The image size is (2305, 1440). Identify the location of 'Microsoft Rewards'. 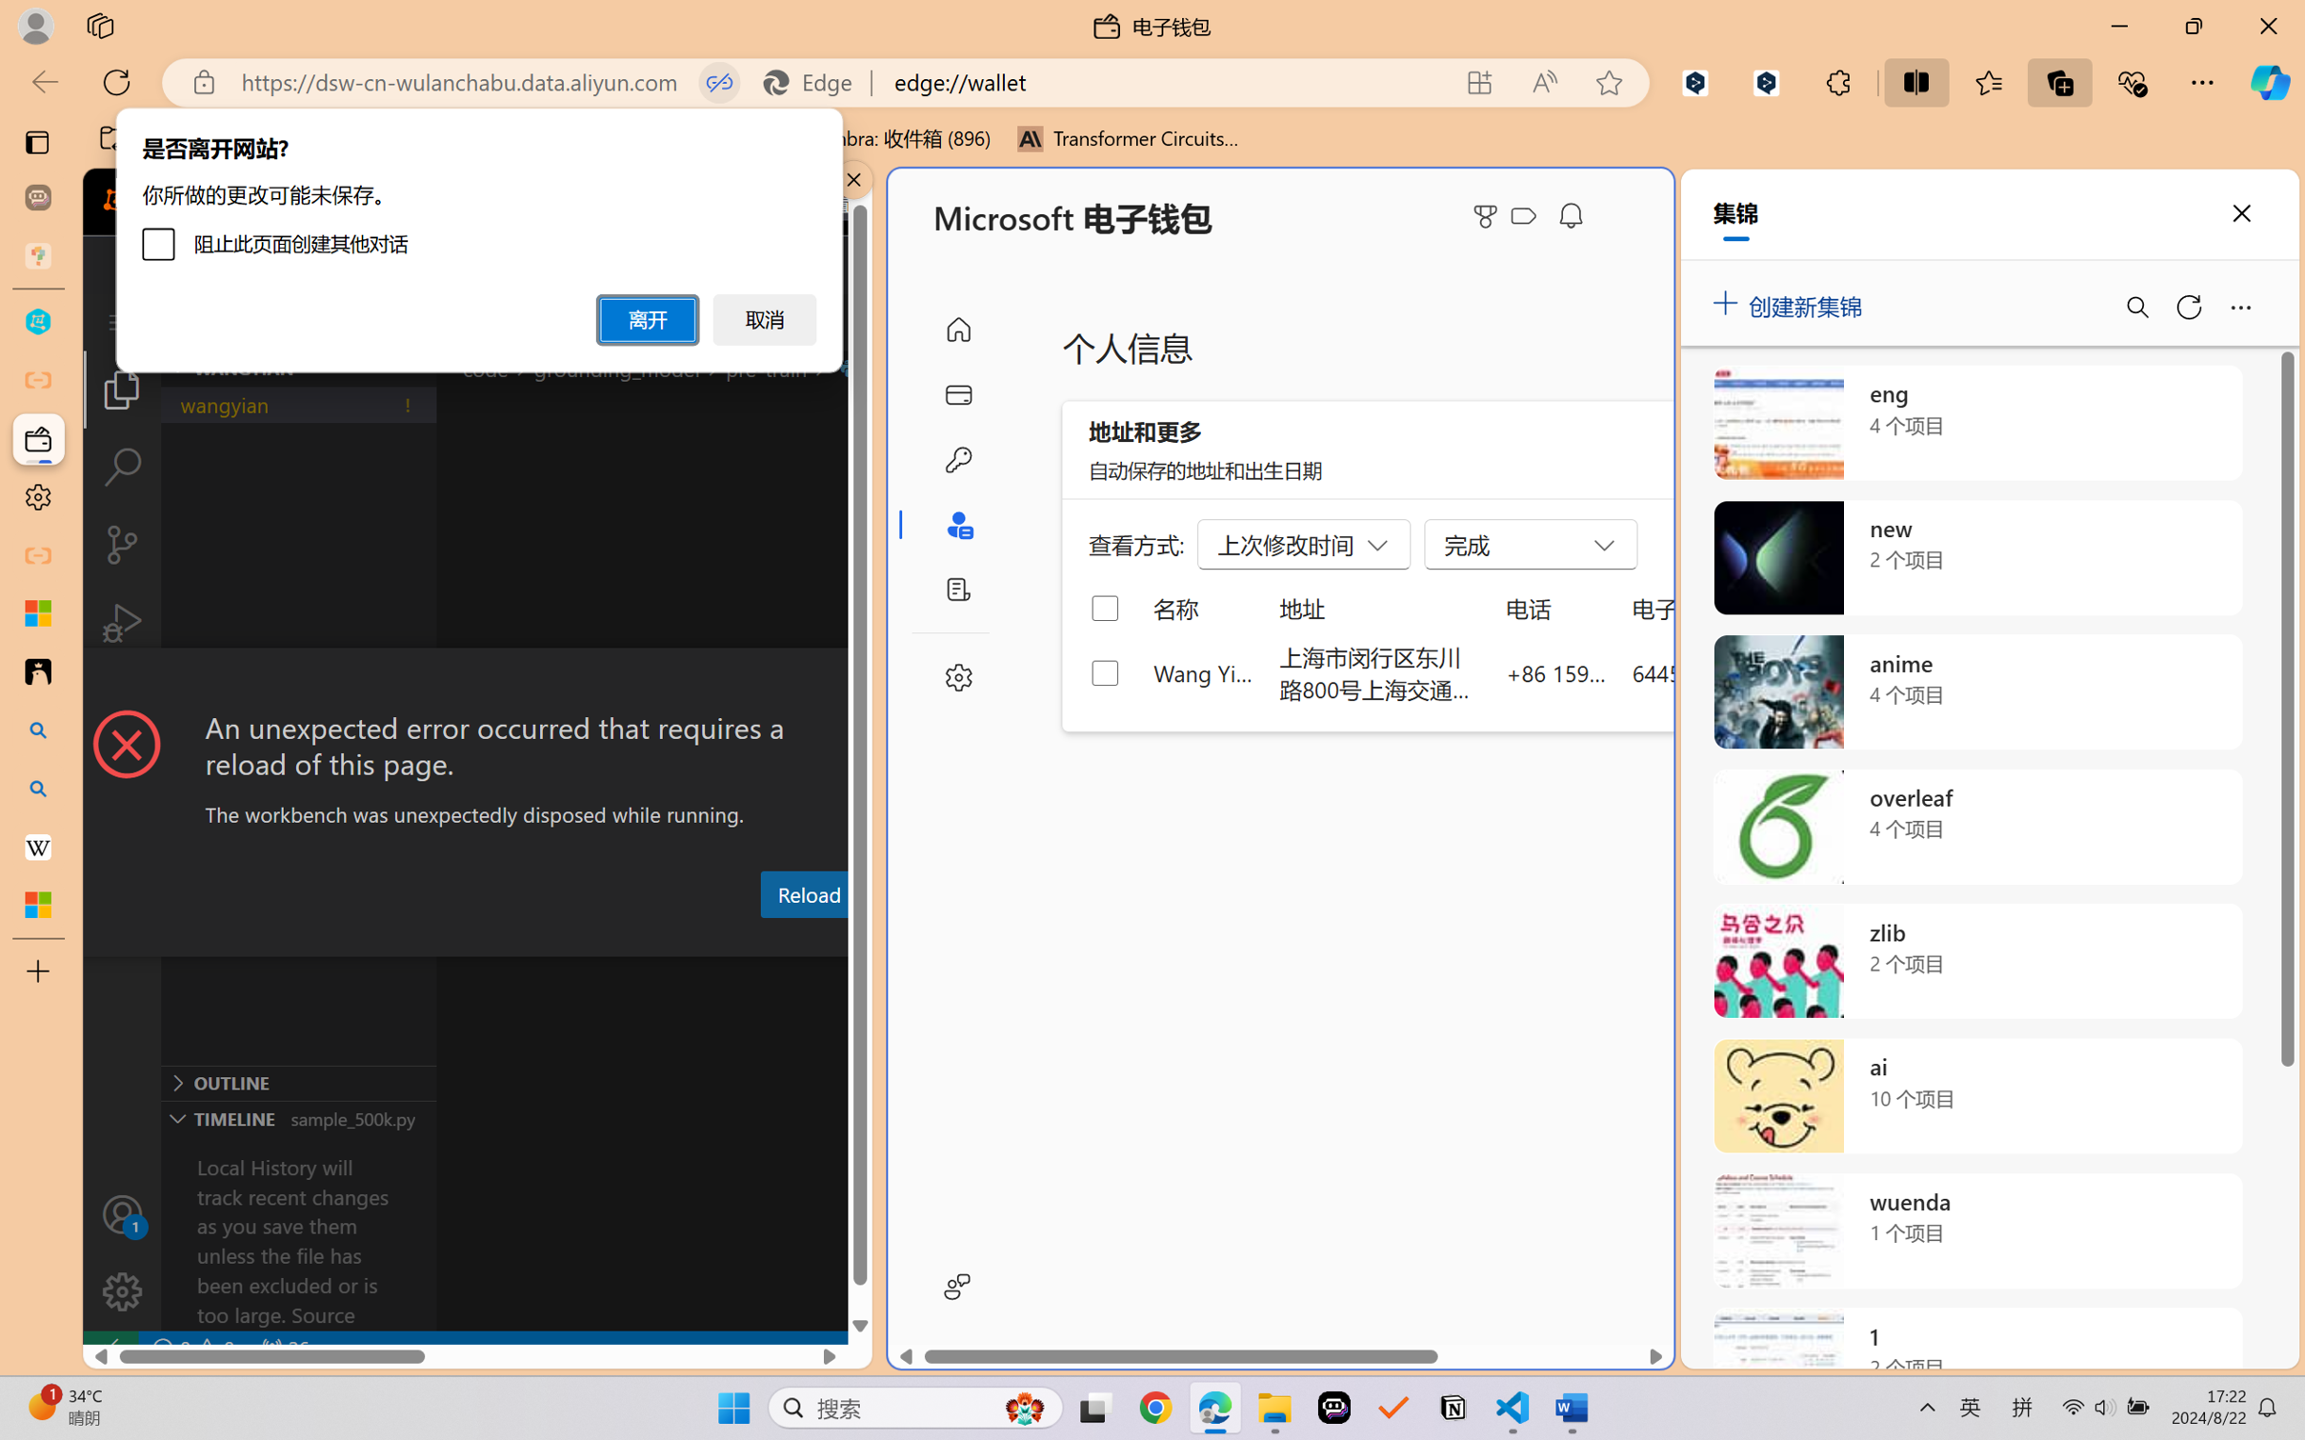
(1489, 216).